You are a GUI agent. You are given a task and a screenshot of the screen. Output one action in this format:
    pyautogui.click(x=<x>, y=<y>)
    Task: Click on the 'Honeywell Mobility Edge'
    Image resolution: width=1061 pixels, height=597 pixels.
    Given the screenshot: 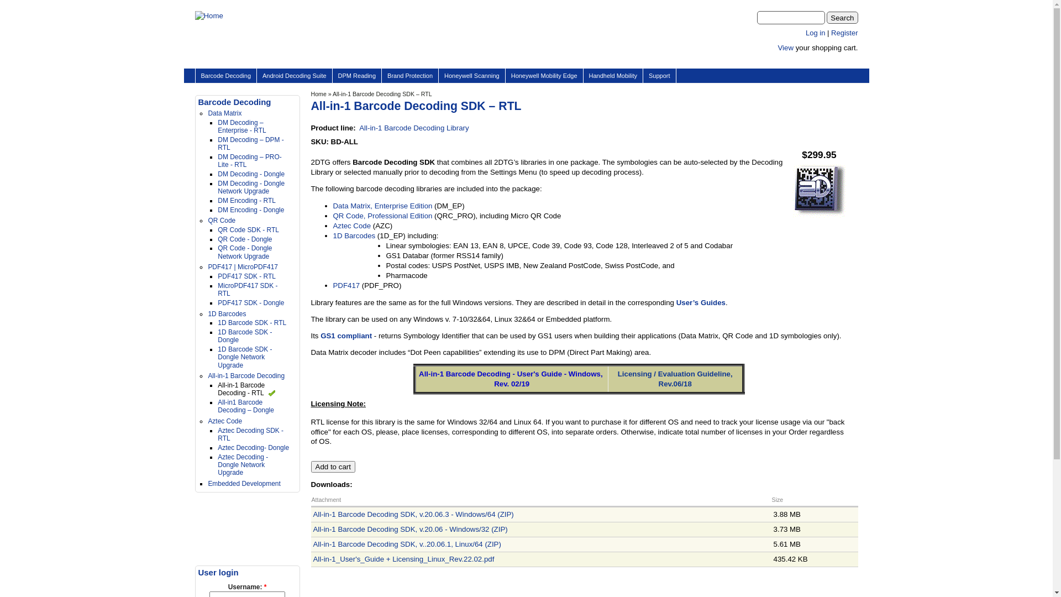 What is the action you would take?
    pyautogui.click(x=544, y=75)
    